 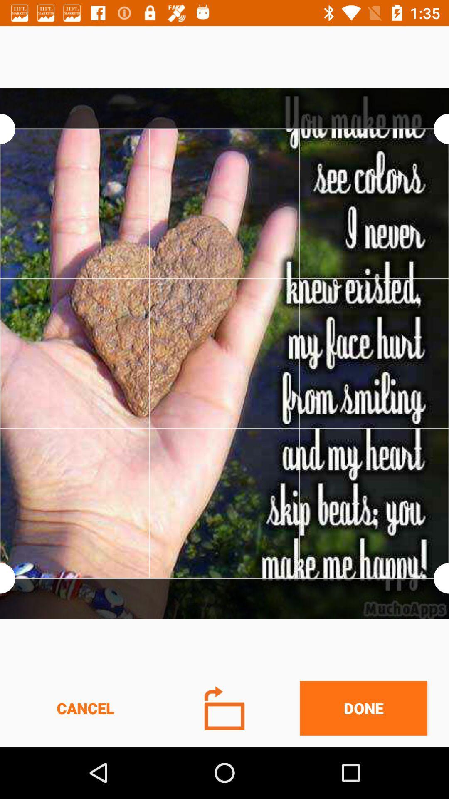 I want to click on the button to the left of done item, so click(x=224, y=707).